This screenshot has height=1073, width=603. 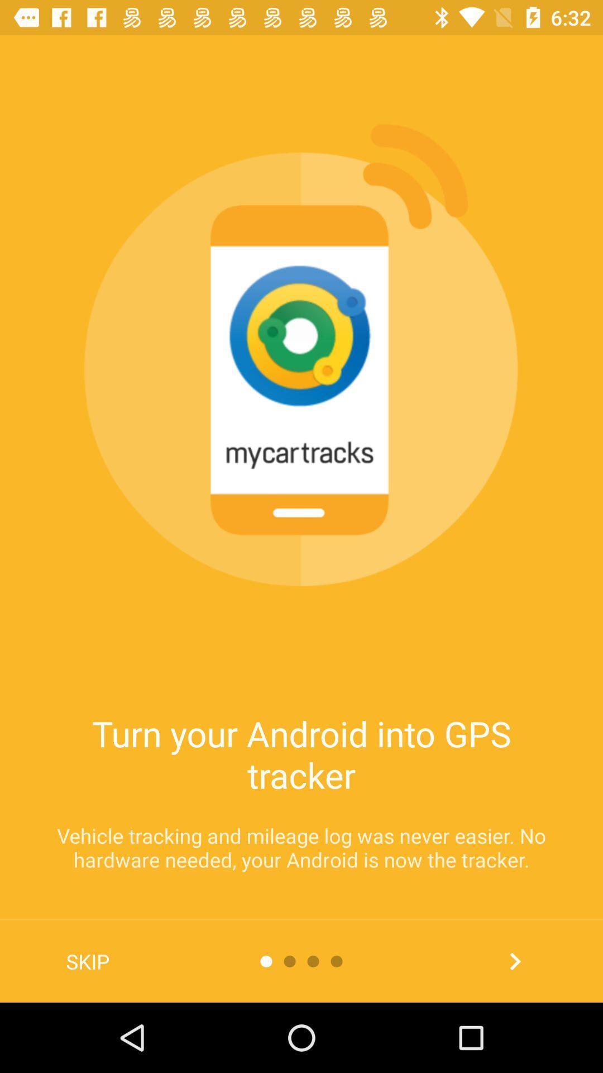 I want to click on skip, so click(x=87, y=961).